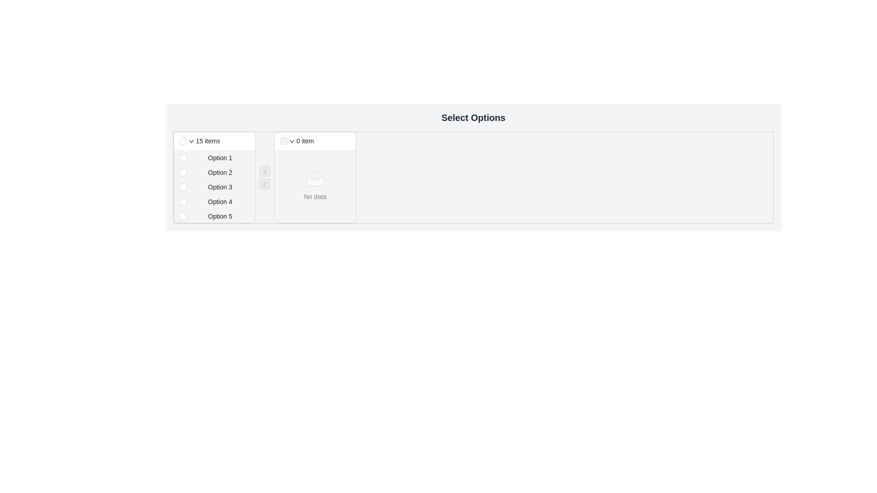 The image size is (877, 493). Describe the element at coordinates (183, 201) in the screenshot. I see `the checkbox for 'Option 4' located at the beginning of its list entry` at that location.